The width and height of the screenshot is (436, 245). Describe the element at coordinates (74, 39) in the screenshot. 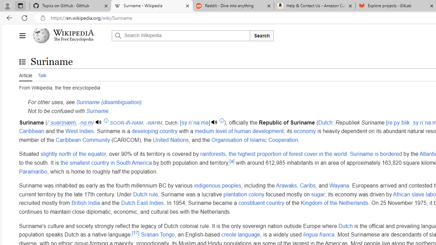

I see `'The Free Encyclopedia'` at that location.